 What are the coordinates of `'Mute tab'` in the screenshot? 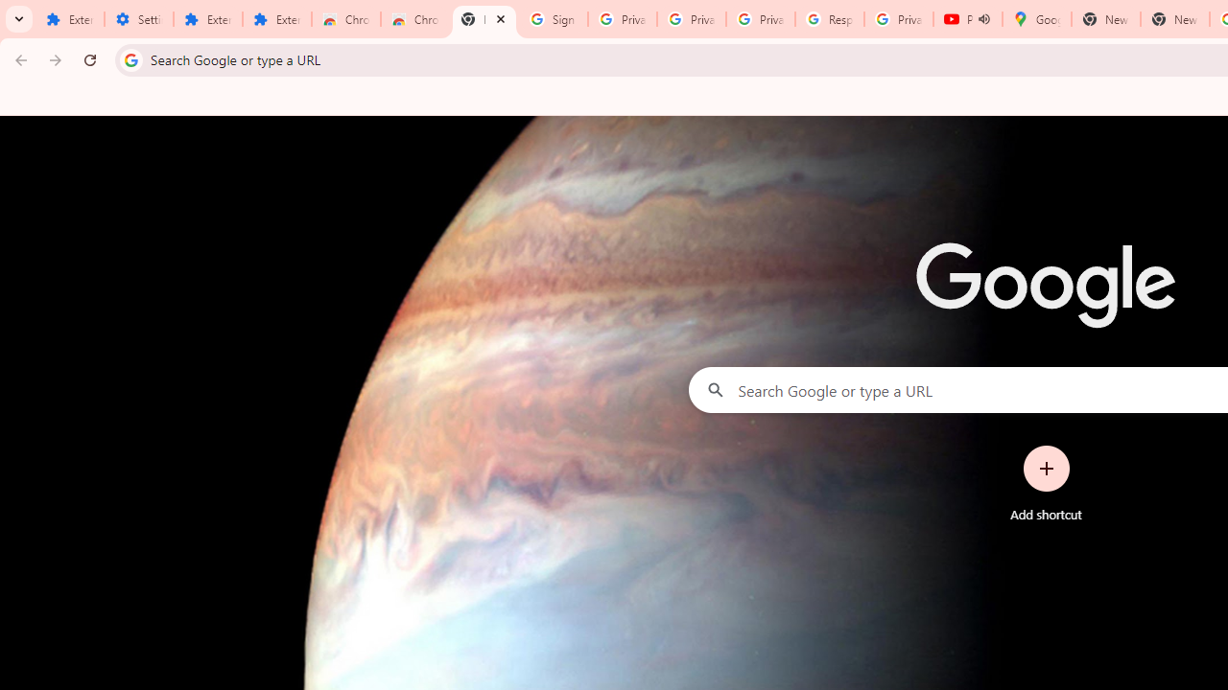 It's located at (983, 19).